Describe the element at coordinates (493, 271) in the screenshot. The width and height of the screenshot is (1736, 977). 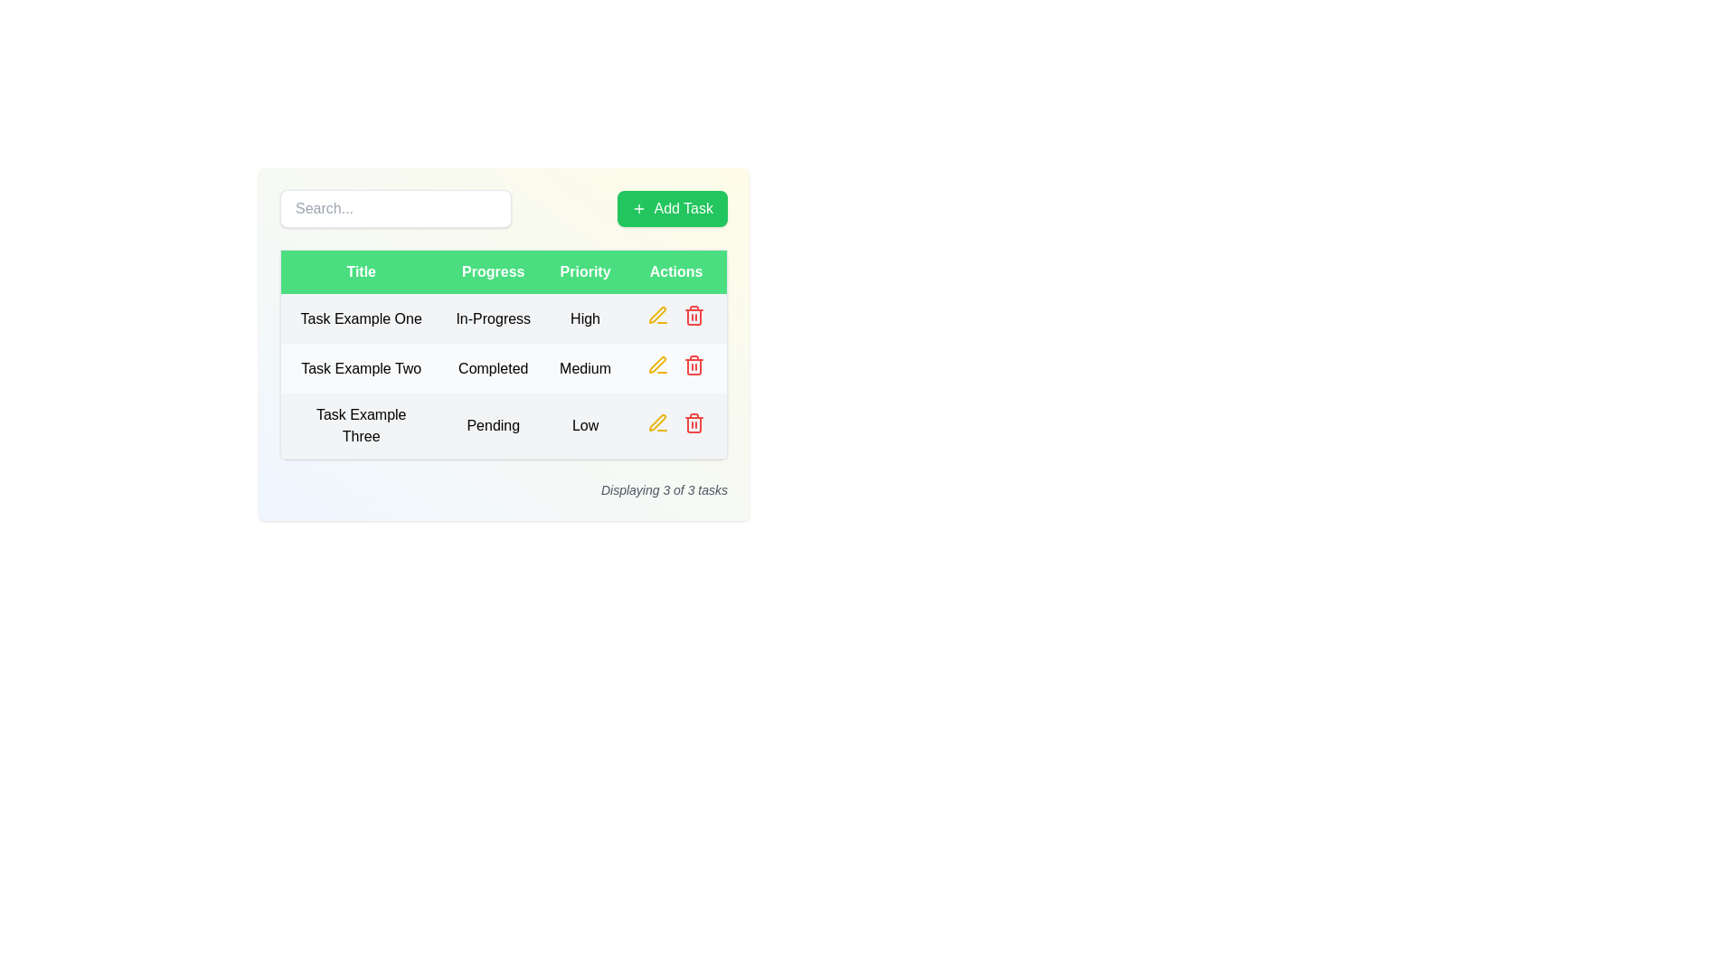
I see `the Table Header Cell labeled 'Progress', which has a green background and white text, positioned second among four sections near the top of the interface` at that location.